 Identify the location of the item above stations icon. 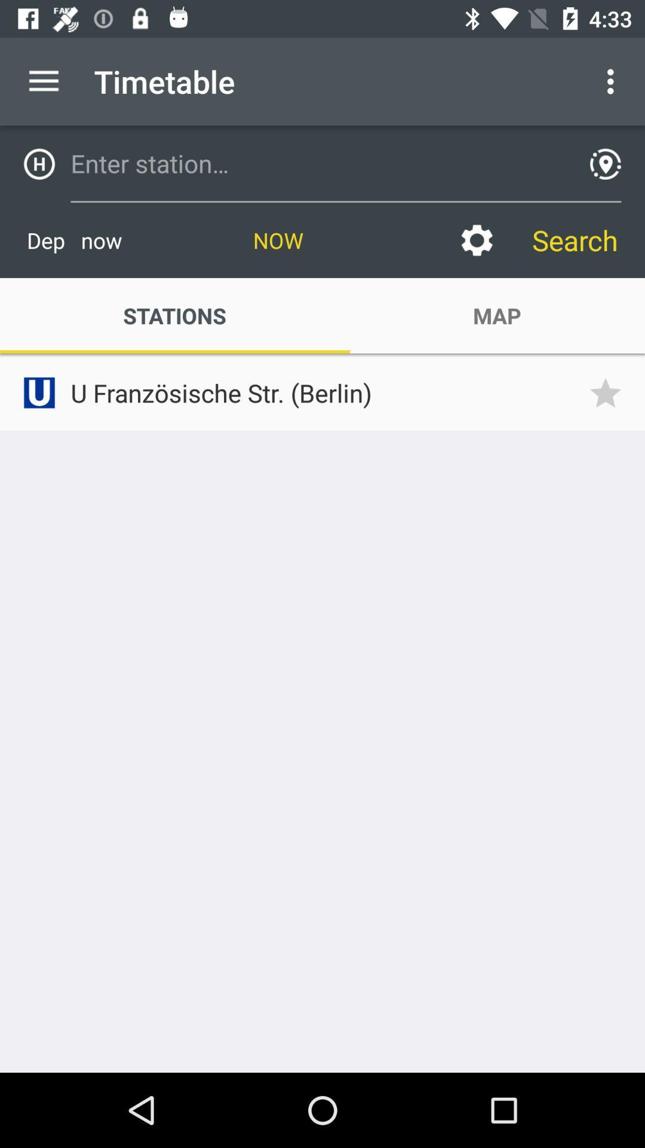
(74, 240).